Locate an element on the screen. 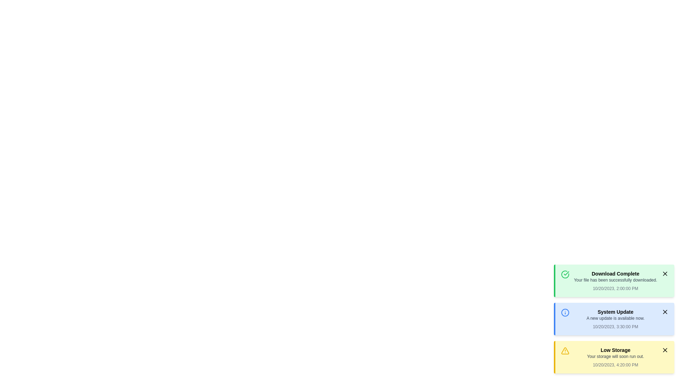 This screenshot has height=382, width=680. the informational icon located on the left side of the blue 'System Update' notification bar, next to the text content is located at coordinates (565, 312).